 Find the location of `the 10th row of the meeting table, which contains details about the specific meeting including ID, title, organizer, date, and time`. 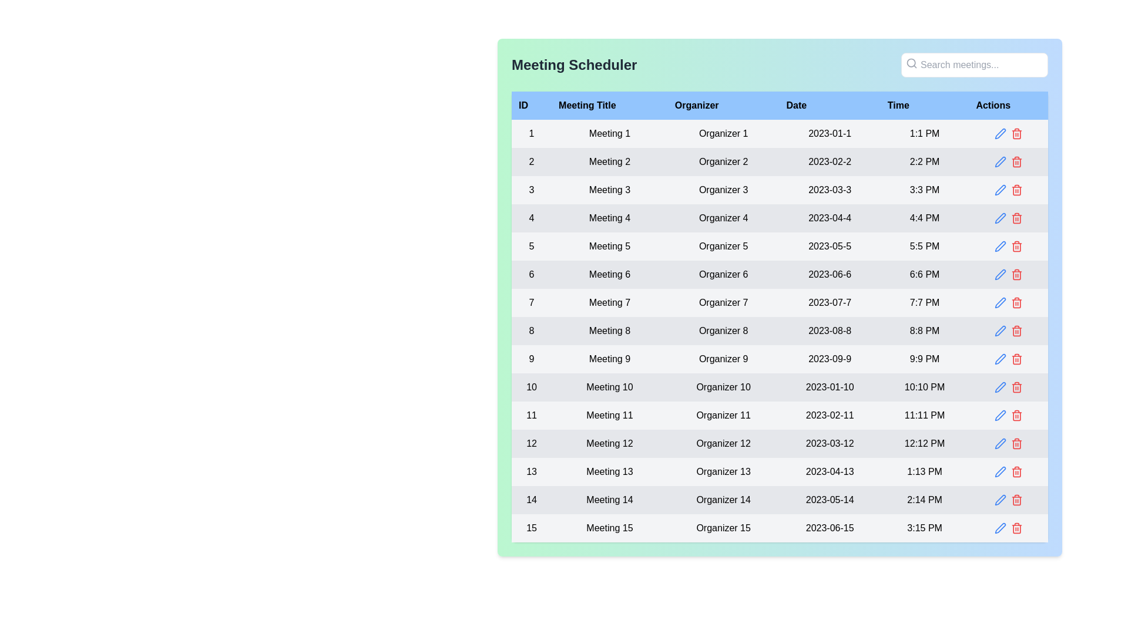

the 10th row of the meeting table, which contains details about the specific meeting including ID, title, organizer, date, and time is located at coordinates (780, 387).